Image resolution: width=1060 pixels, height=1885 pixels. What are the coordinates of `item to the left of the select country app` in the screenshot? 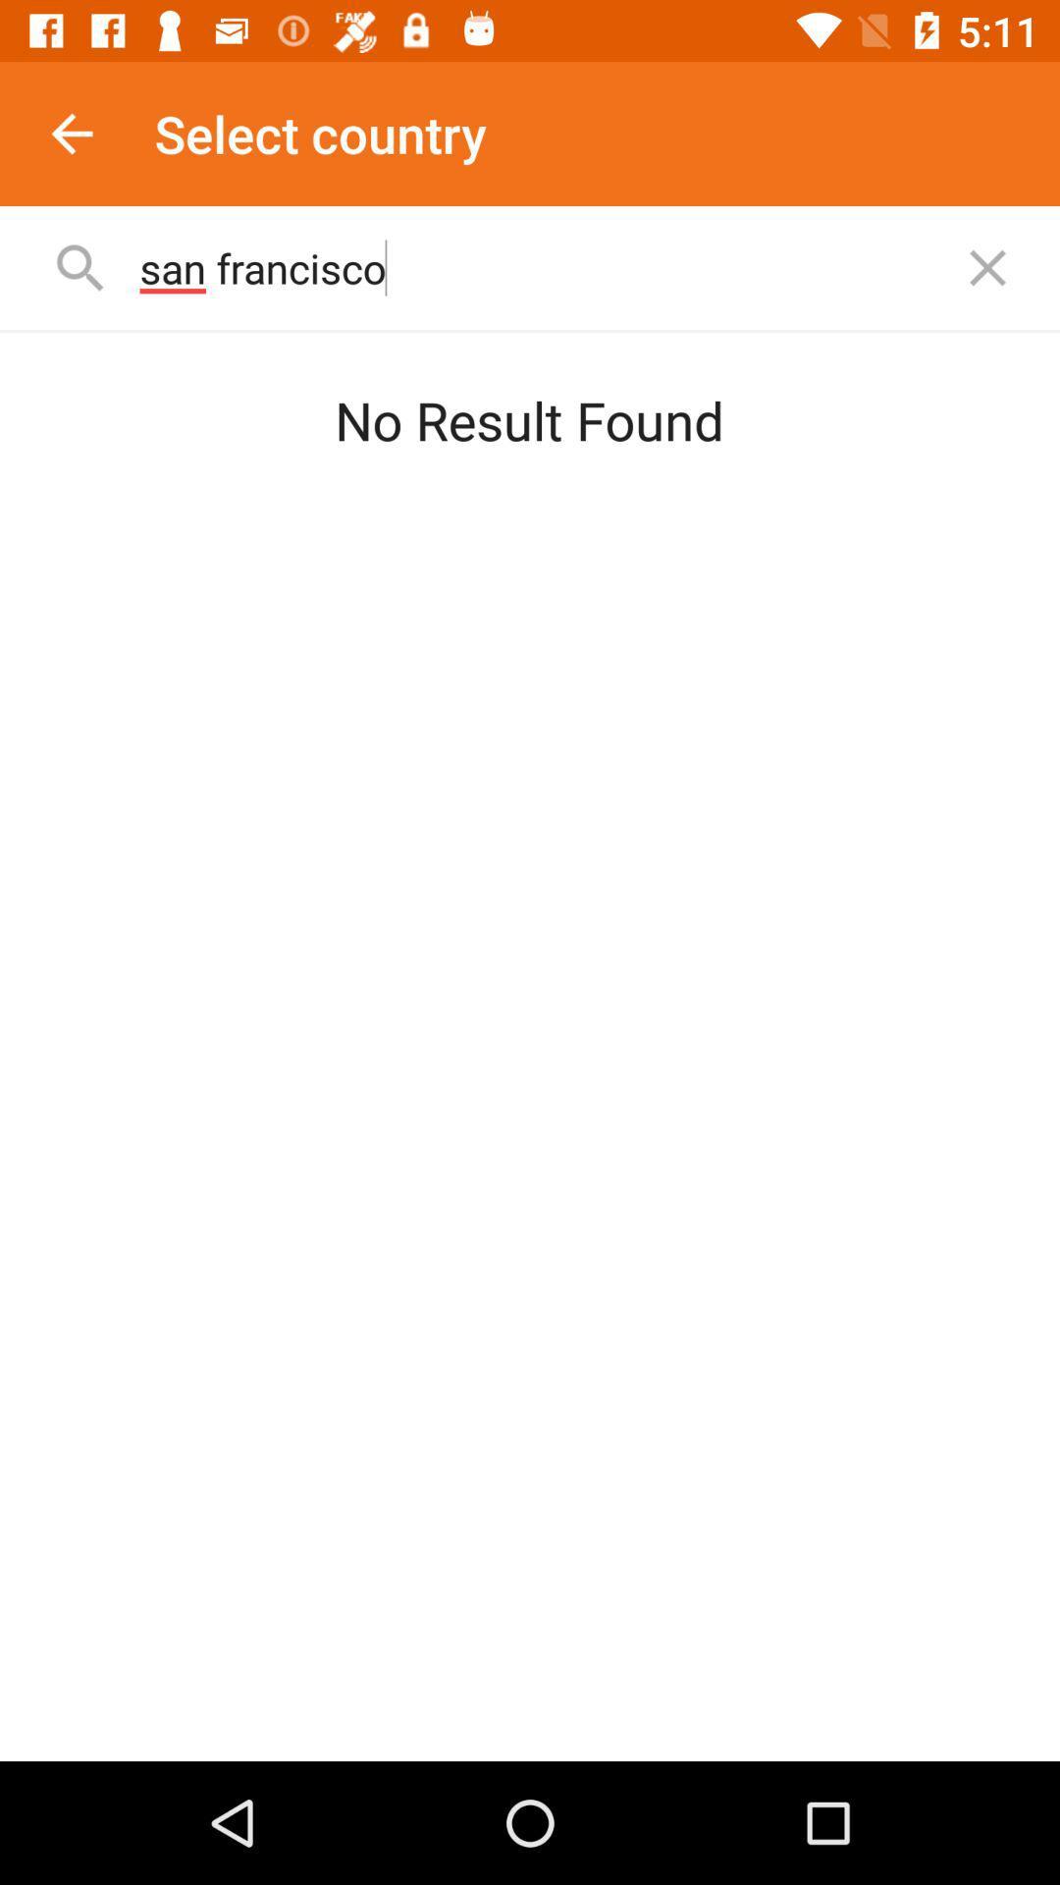 It's located at (71, 133).